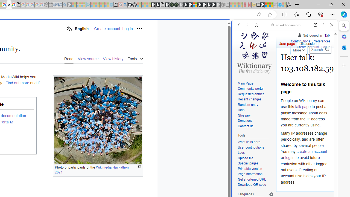  I want to click on 'Get shortened URL', so click(255, 179).